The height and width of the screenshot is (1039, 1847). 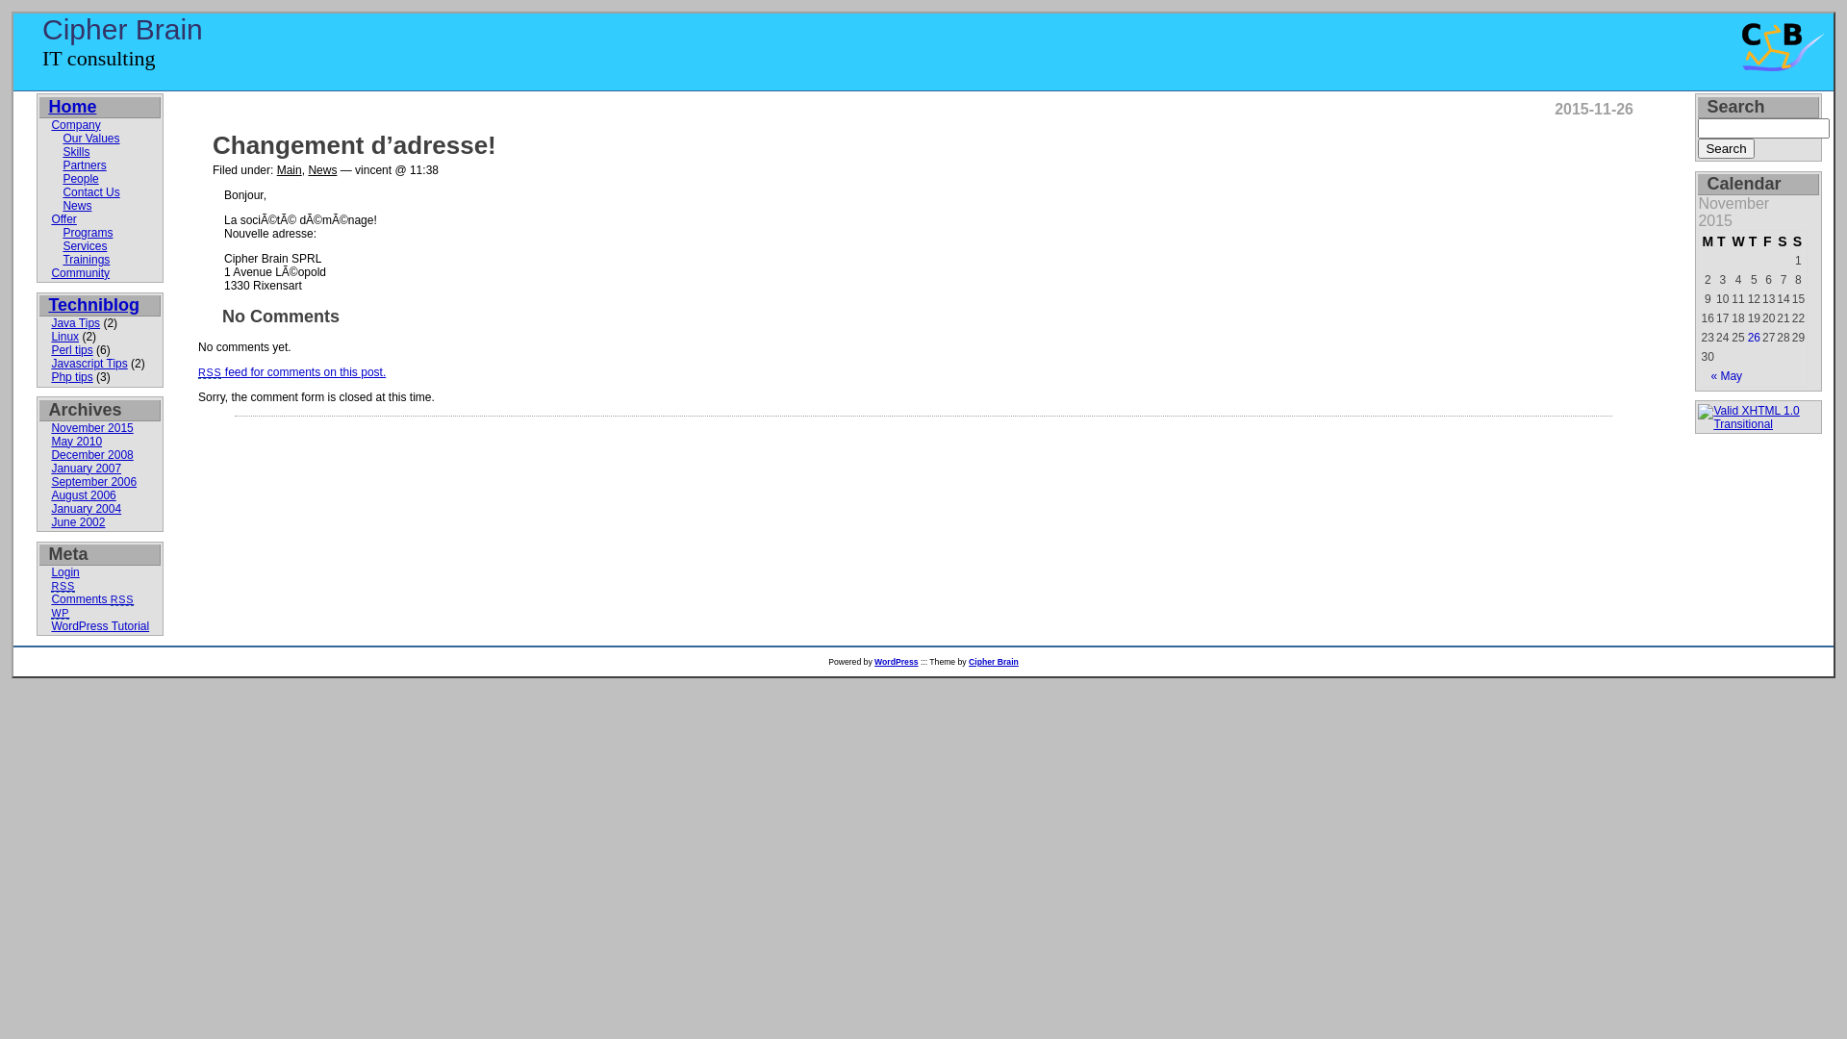 I want to click on 'People', so click(x=79, y=178).